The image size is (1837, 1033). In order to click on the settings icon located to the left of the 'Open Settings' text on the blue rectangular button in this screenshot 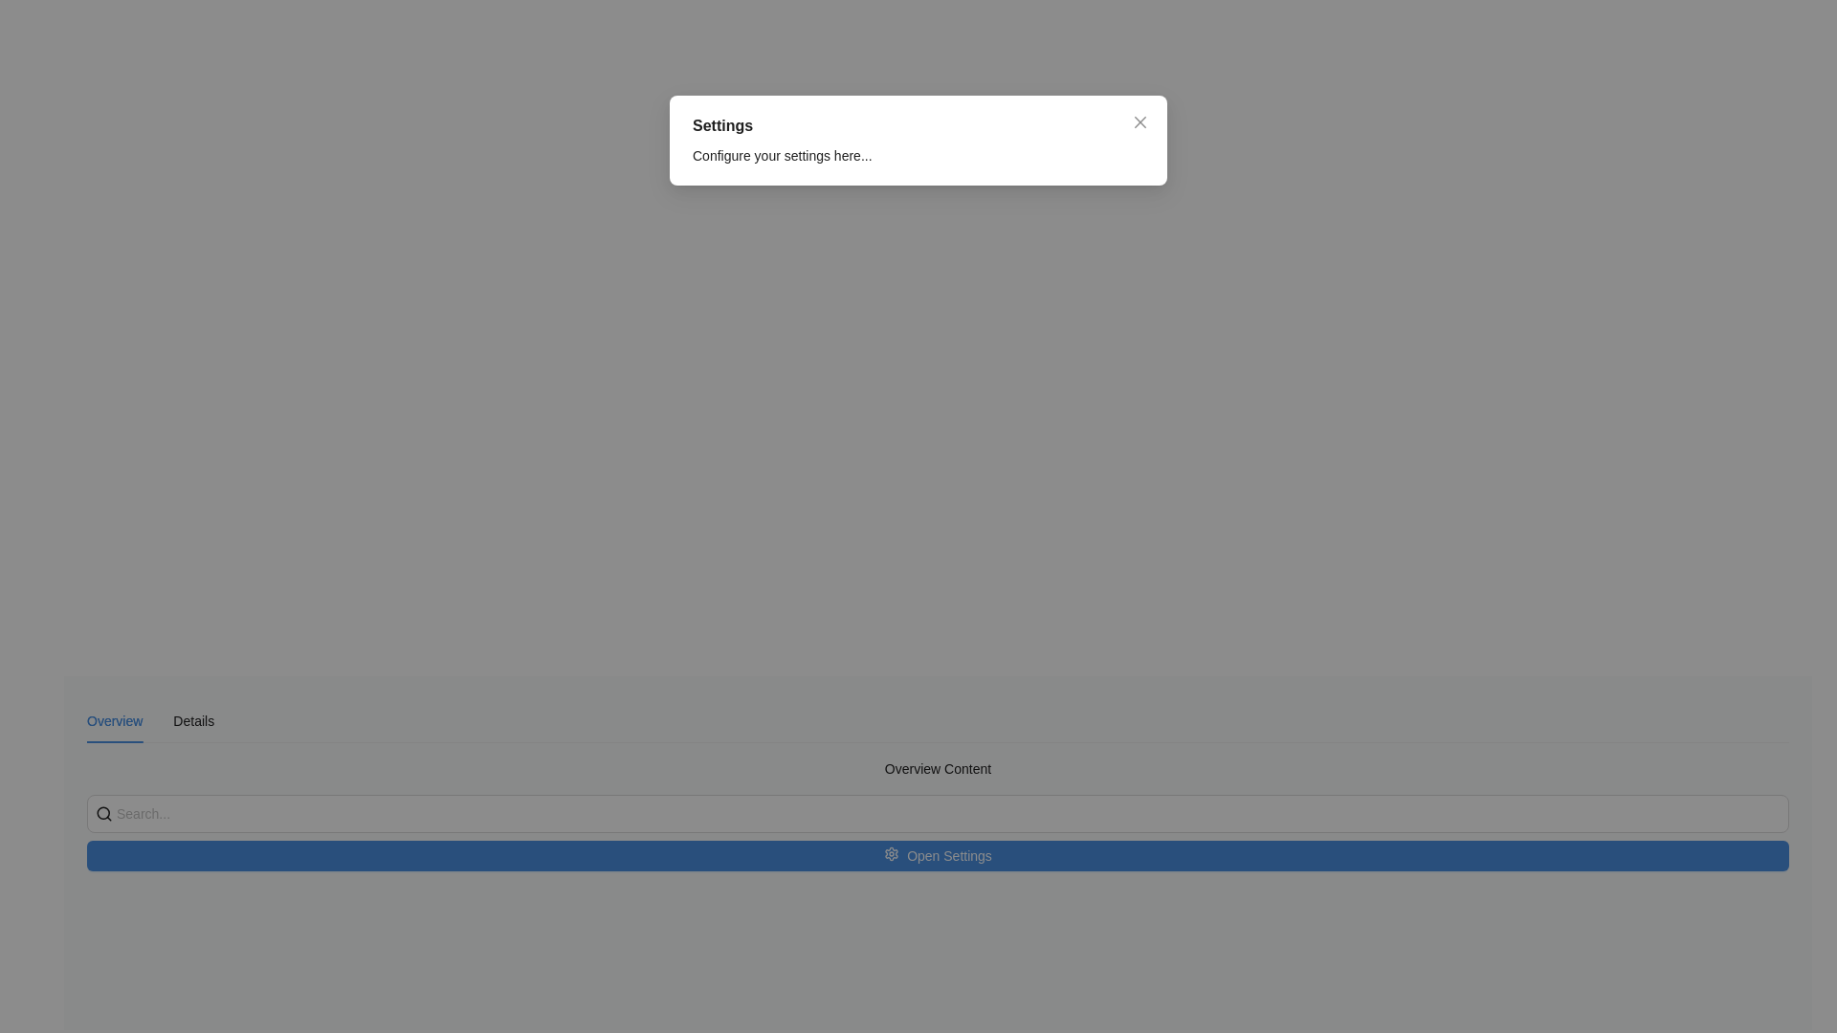, I will do `click(891, 854)`.